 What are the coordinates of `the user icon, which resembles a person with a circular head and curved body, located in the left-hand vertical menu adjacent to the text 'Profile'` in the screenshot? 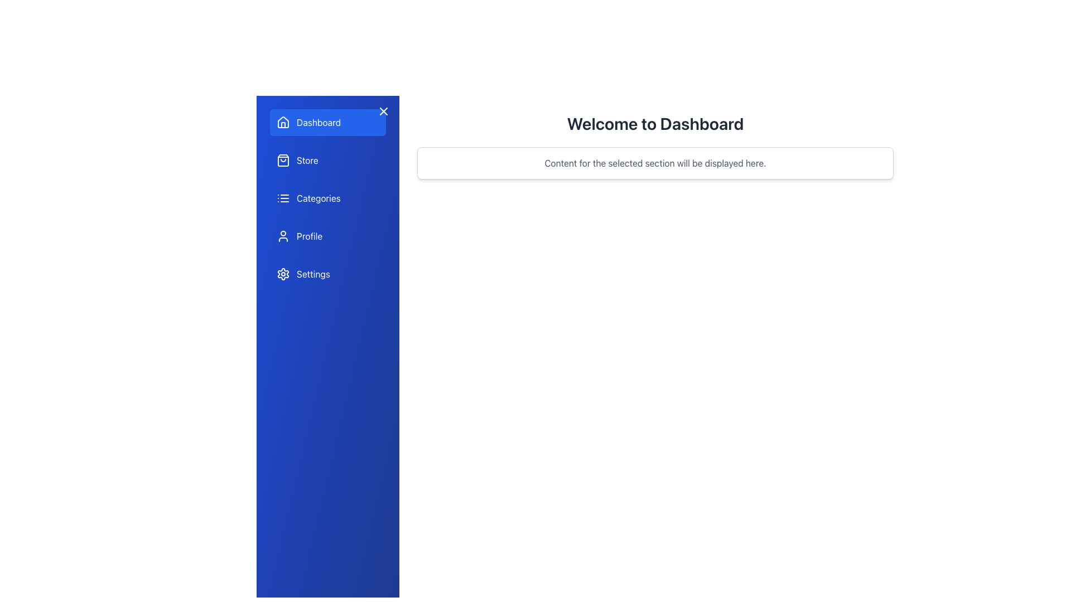 It's located at (283, 236).